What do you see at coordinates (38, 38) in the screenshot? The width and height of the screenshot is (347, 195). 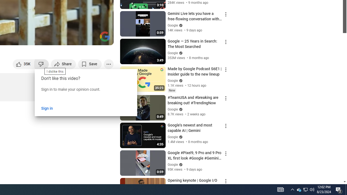 I see `'Autoplay is on'` at bounding box center [38, 38].